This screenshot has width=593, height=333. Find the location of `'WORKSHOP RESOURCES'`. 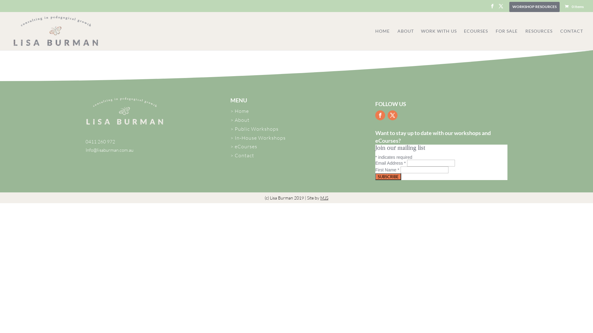

'WORKSHOP RESOURCES' is located at coordinates (534, 8).